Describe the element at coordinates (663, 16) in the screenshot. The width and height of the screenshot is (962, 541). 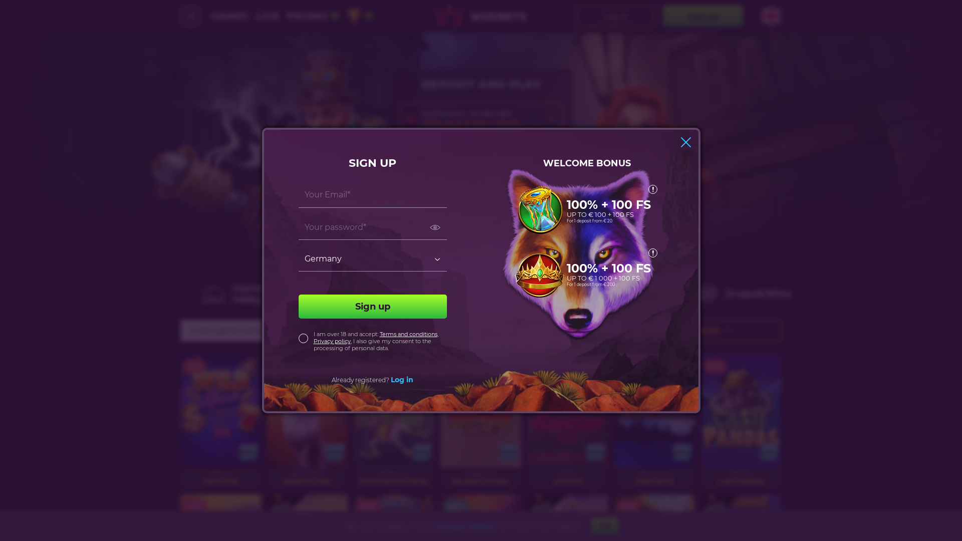
I see `'Sign up'` at that location.